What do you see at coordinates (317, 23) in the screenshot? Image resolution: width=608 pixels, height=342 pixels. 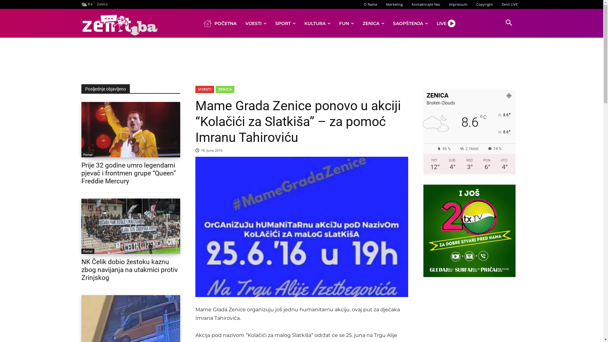 I see `'KULTURA'` at bounding box center [317, 23].